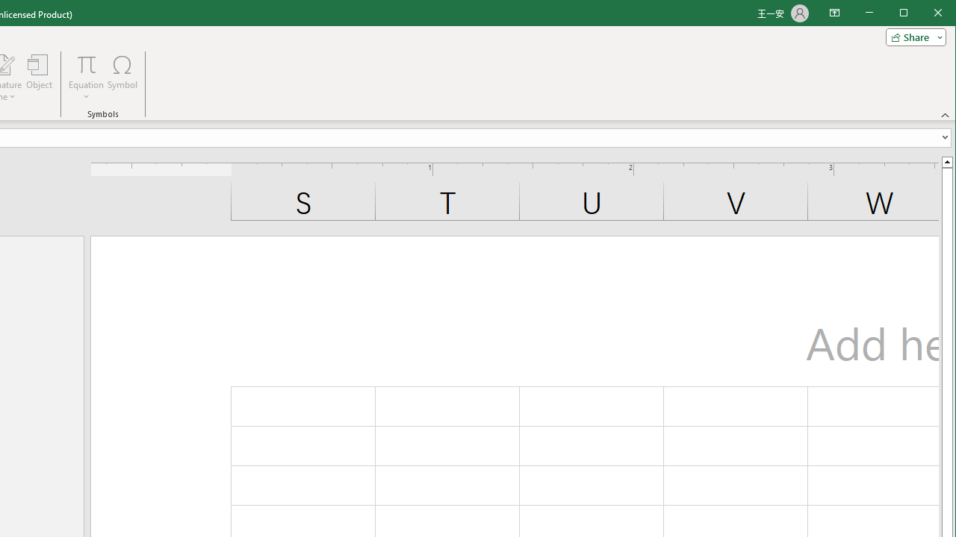  What do you see at coordinates (85, 92) in the screenshot?
I see `'More Options'` at bounding box center [85, 92].